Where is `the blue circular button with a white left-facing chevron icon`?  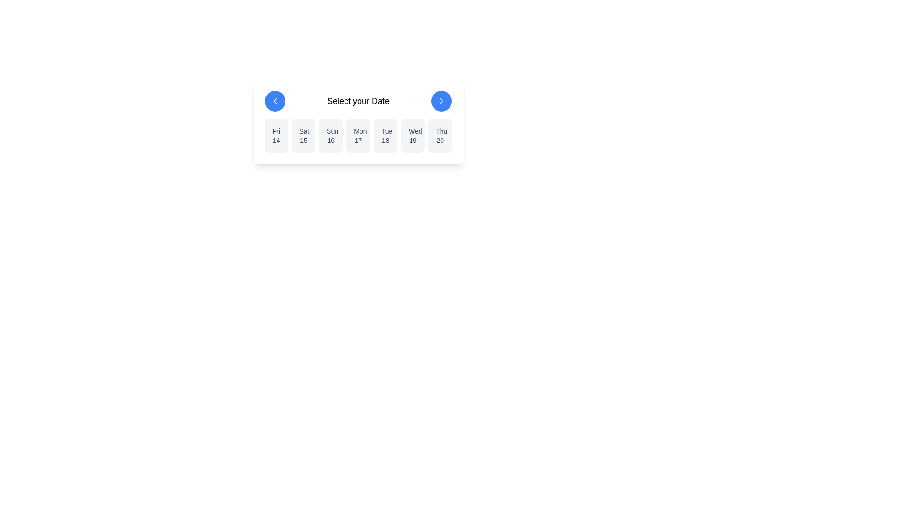 the blue circular button with a white left-facing chevron icon is located at coordinates (274, 101).